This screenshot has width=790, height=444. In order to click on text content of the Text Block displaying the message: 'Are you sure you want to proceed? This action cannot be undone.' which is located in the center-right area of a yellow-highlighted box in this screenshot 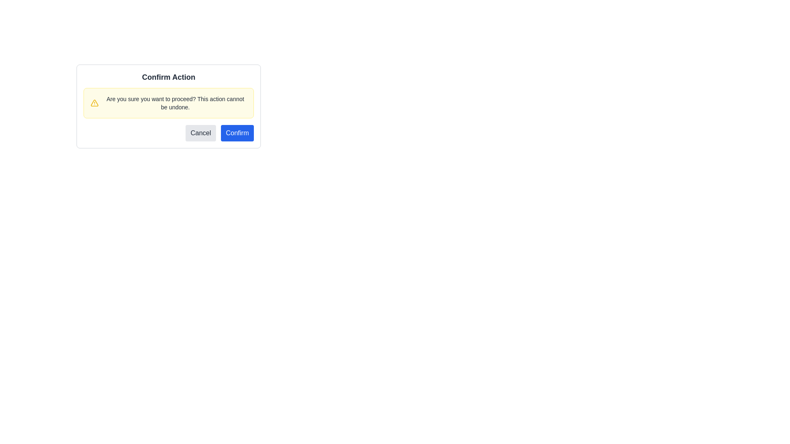, I will do `click(175, 102)`.